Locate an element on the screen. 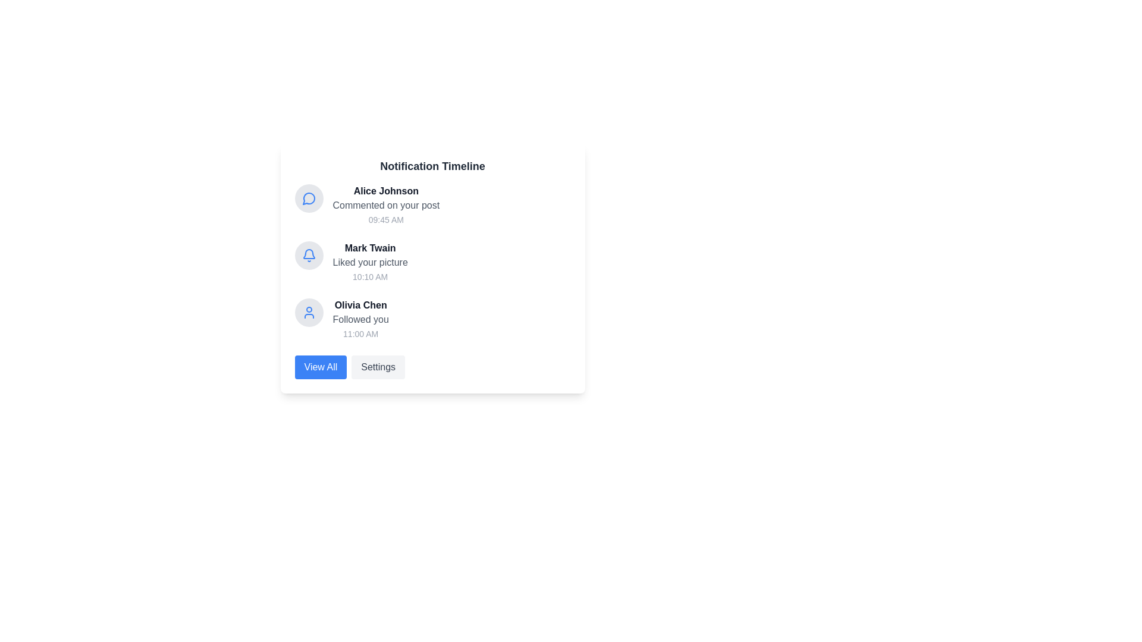 The height and width of the screenshot is (642, 1142). the static text displaying the name of the user who performed an action in the third entry of the notification timeline is located at coordinates (360, 304).